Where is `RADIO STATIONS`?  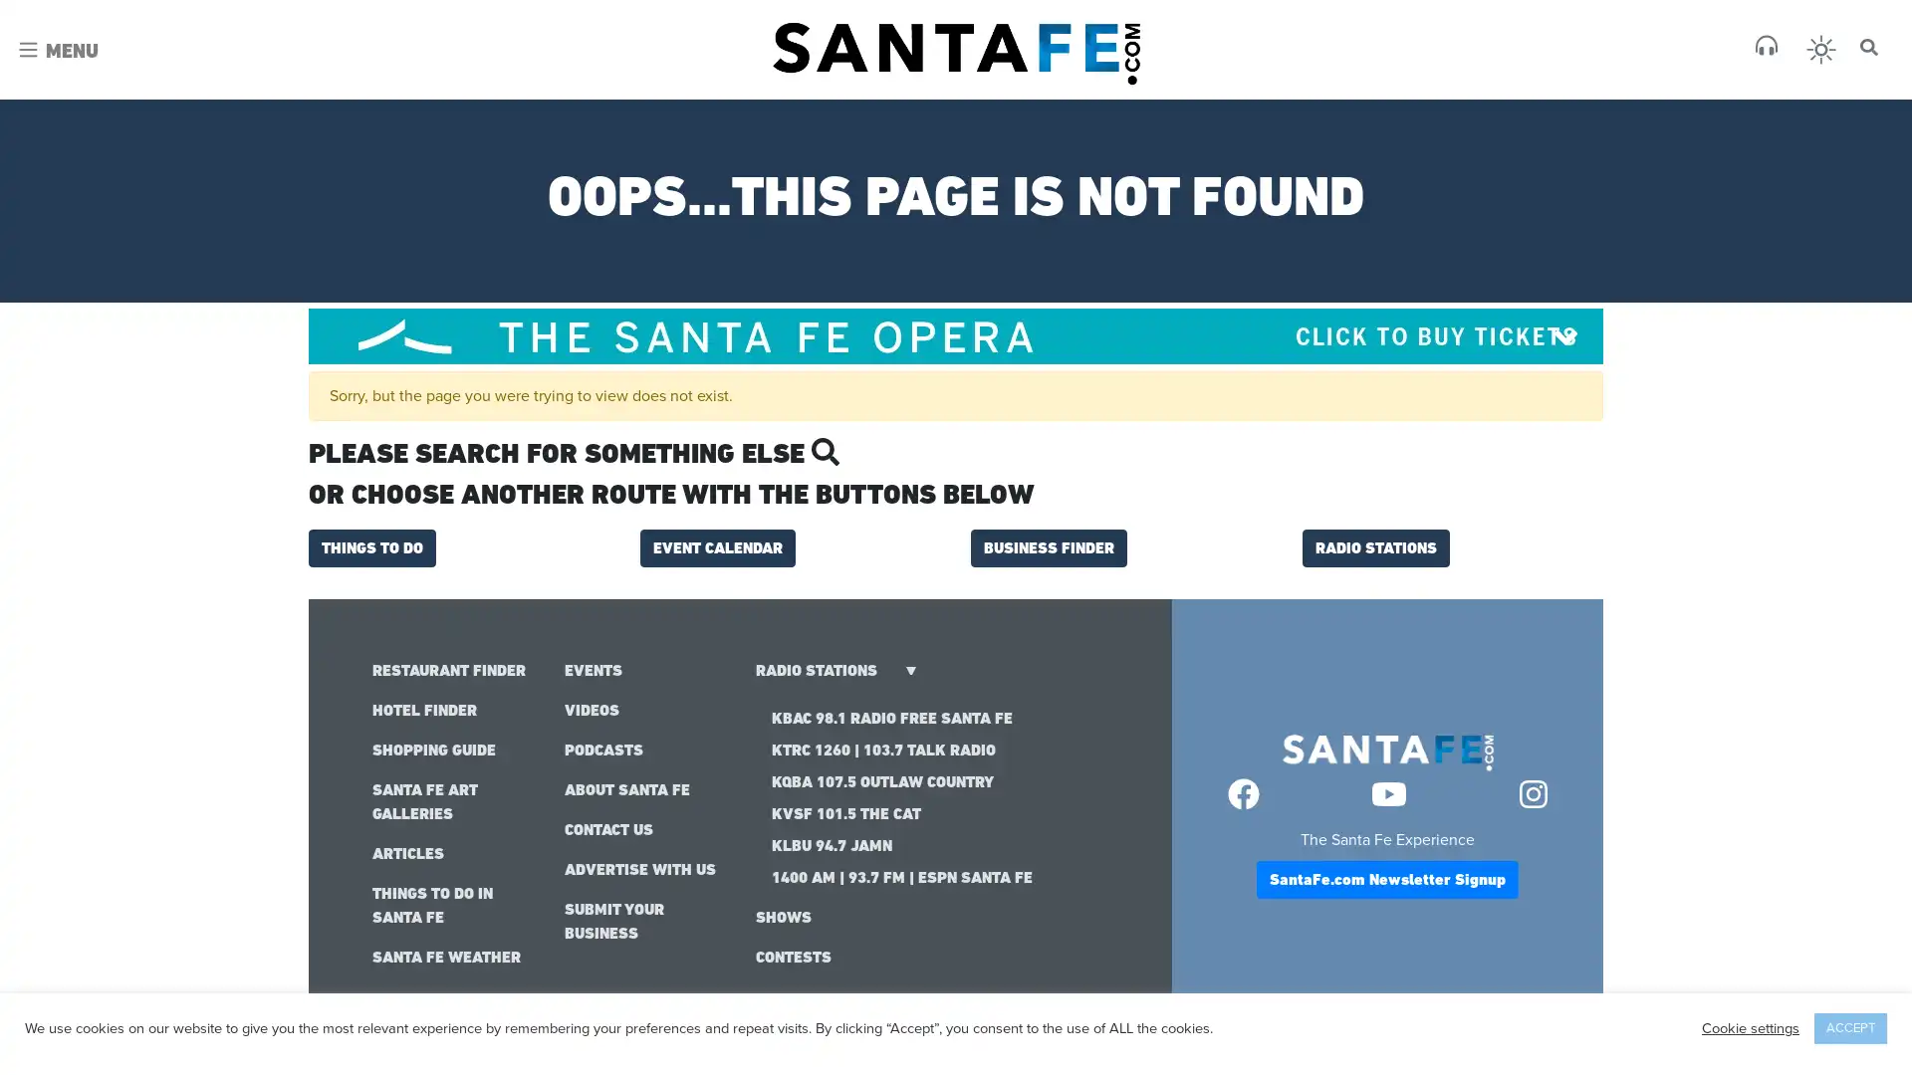 RADIO STATIONS is located at coordinates (1374, 547).